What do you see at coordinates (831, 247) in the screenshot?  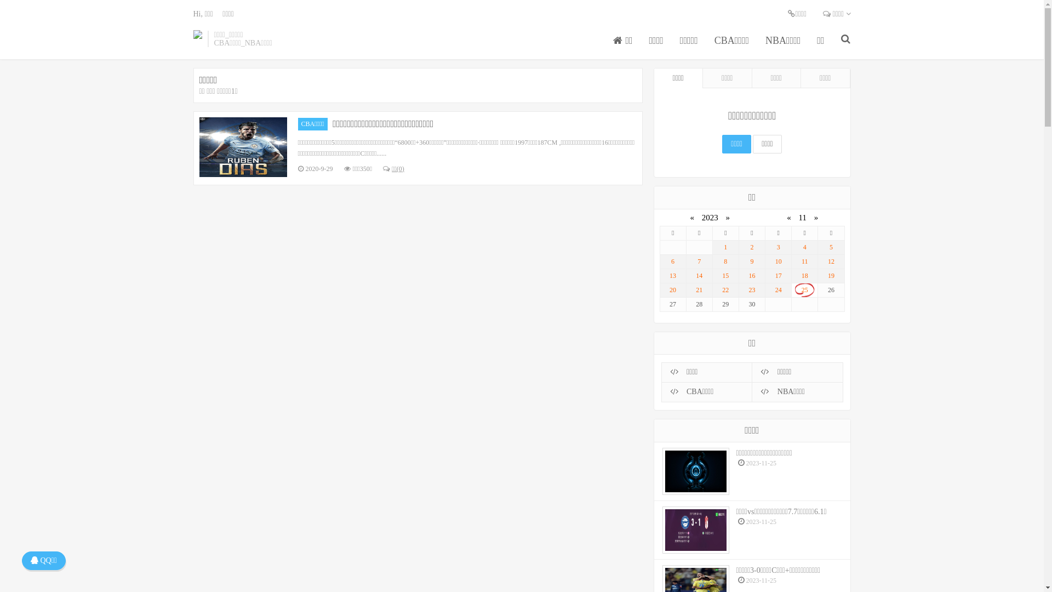 I see `'5'` at bounding box center [831, 247].